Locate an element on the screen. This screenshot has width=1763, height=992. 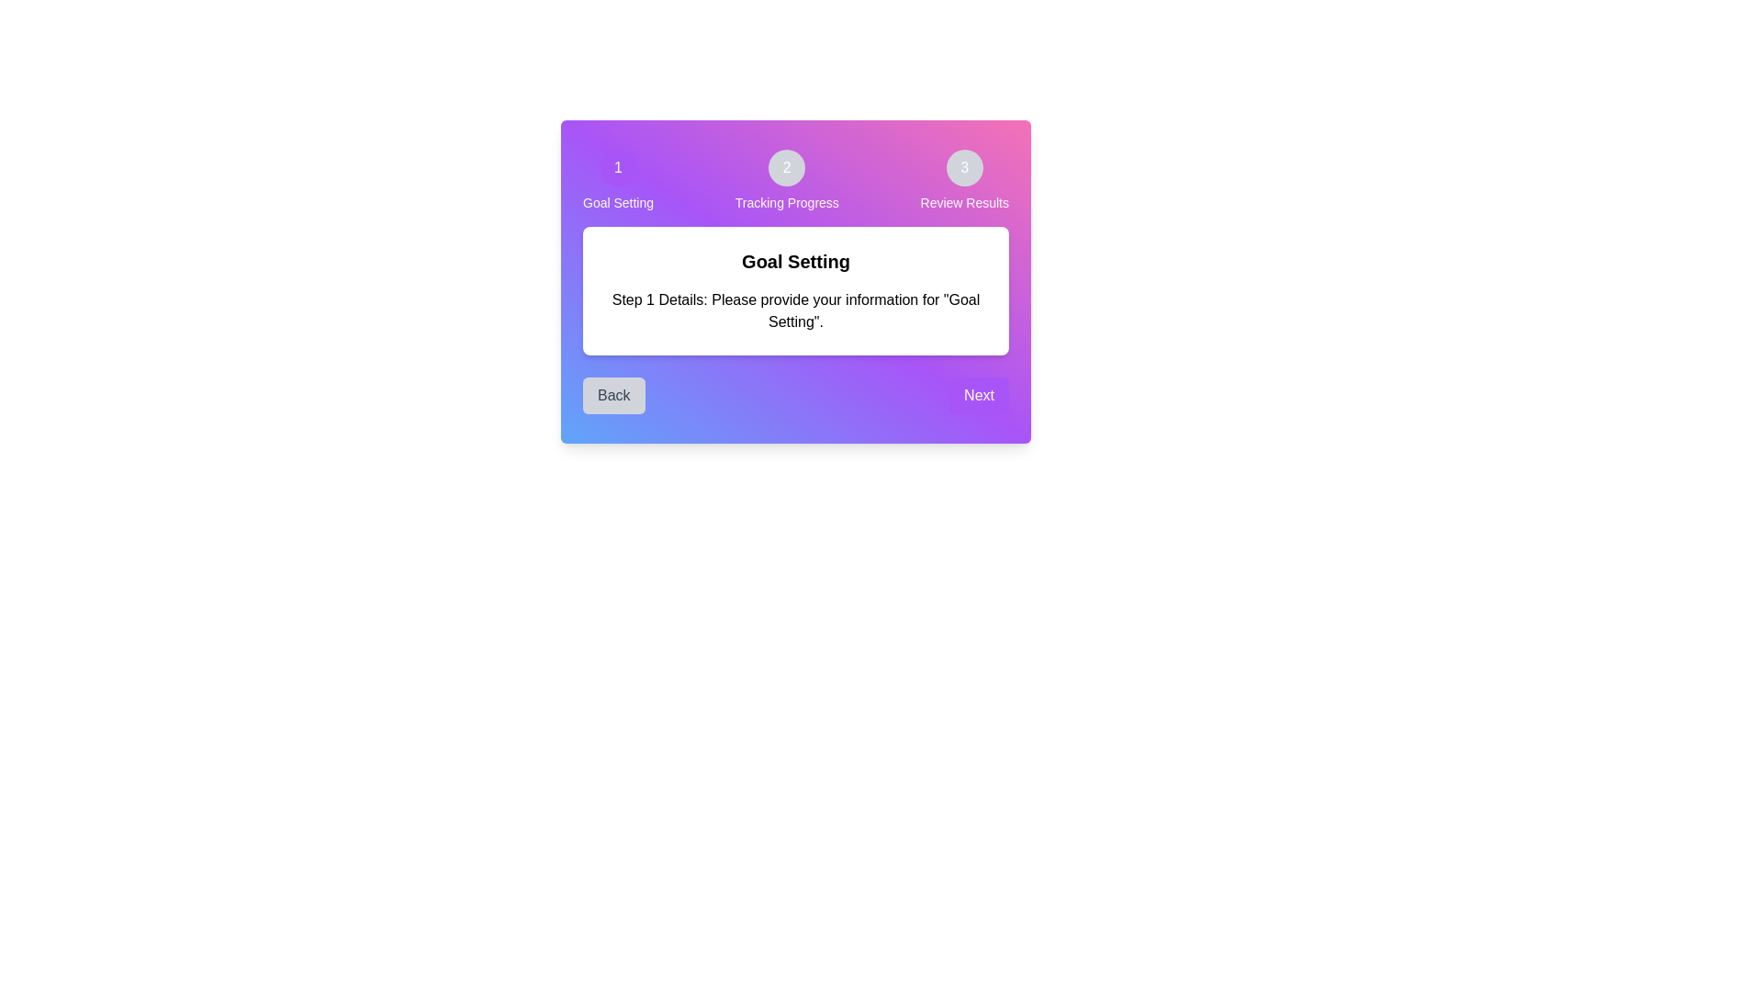
the 'Next' button to proceed to the next activity is located at coordinates (977, 395).